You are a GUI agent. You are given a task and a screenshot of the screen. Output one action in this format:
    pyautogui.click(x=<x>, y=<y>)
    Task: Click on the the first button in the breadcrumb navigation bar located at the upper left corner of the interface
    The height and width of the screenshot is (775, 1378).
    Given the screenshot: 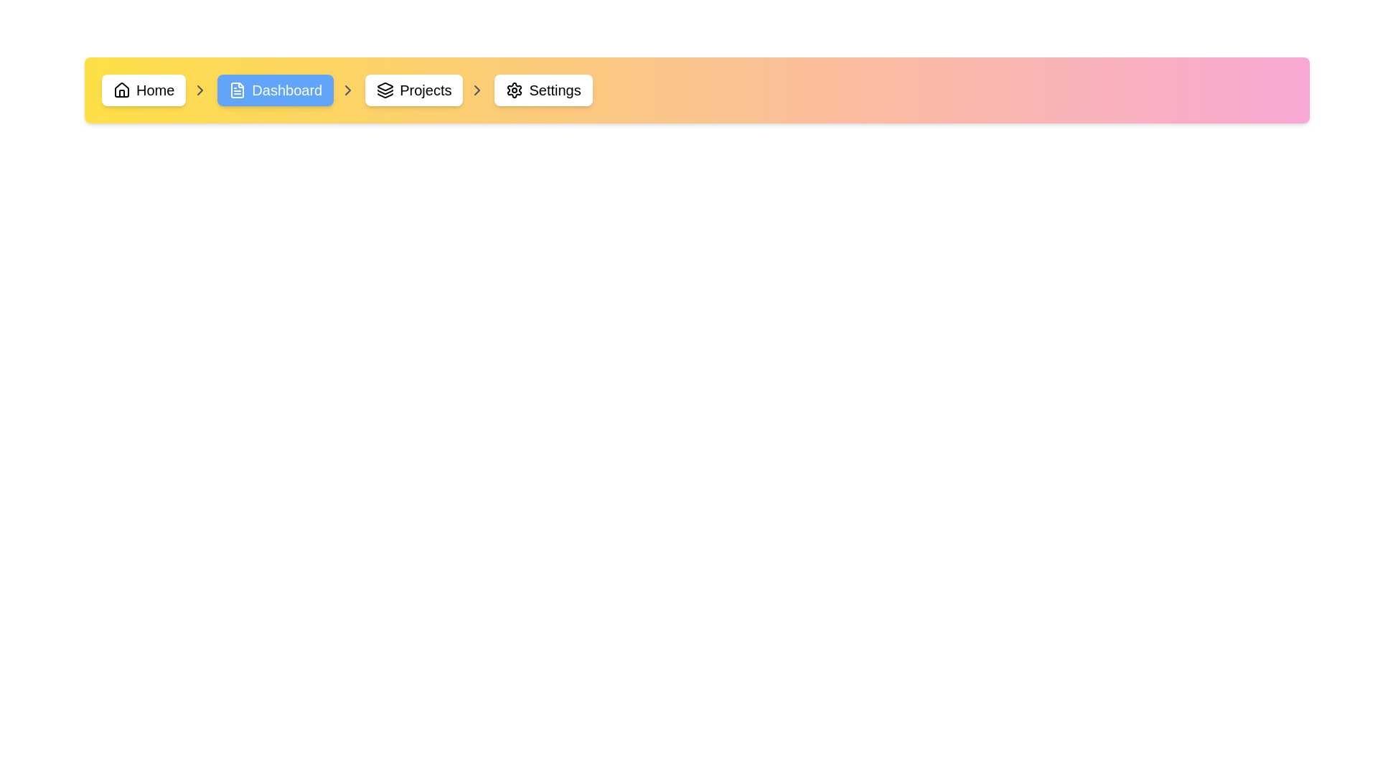 What is the action you would take?
    pyautogui.click(x=144, y=90)
    